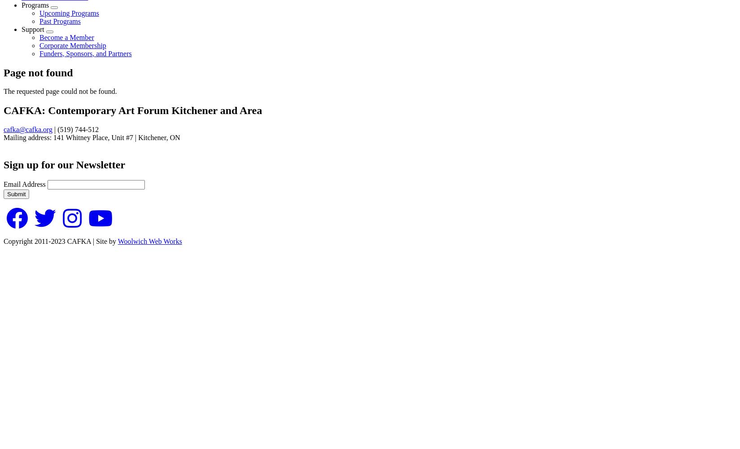  Describe the element at coordinates (64, 164) in the screenshot. I see `'Sign up for our Newsletter'` at that location.